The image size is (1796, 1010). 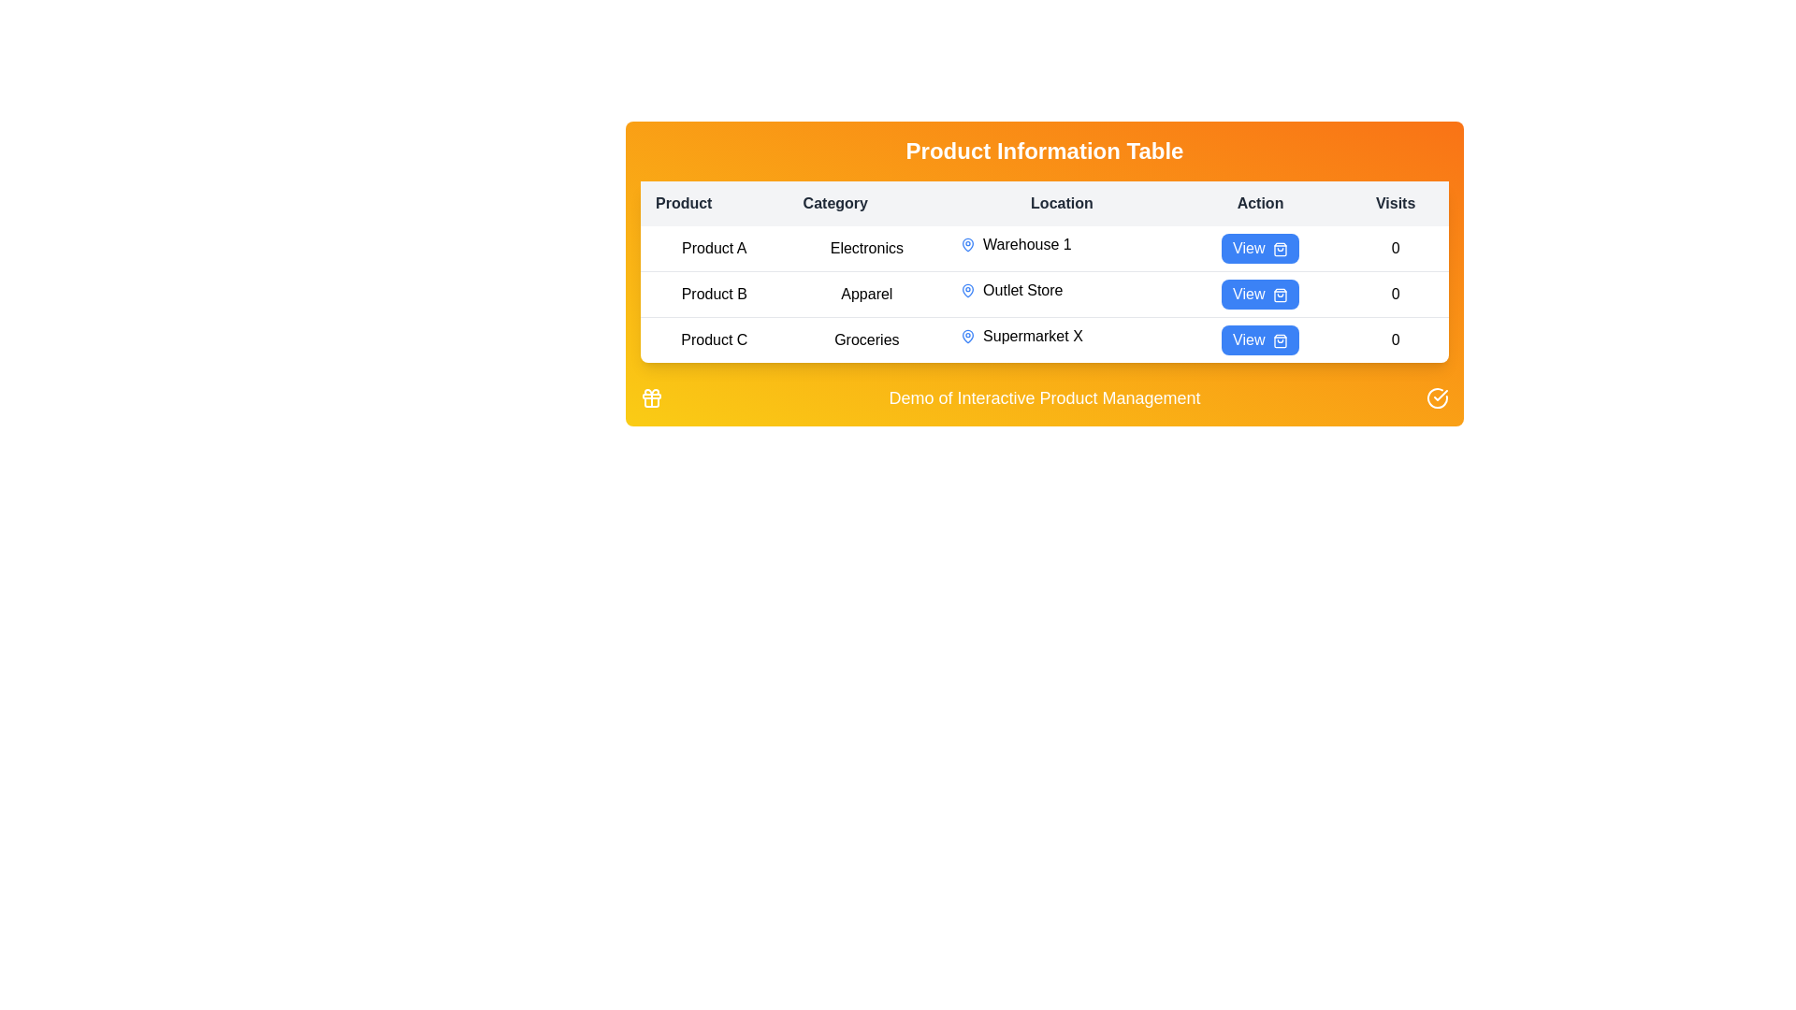 What do you see at coordinates (968, 244) in the screenshot?
I see `the Location Marker icon representing 'Warehouse 1' in the table, which is located in the third column, first row, aligned to the left of the text label` at bounding box center [968, 244].